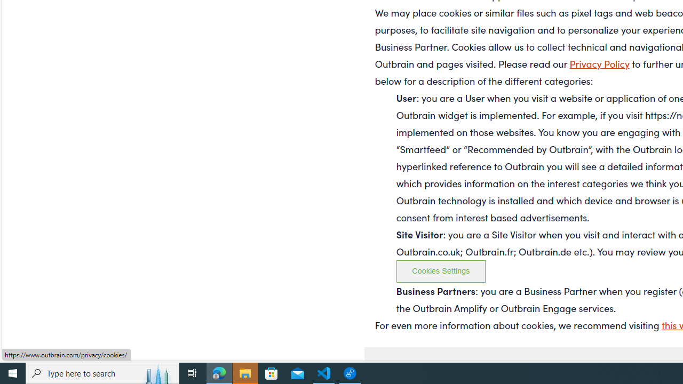  Describe the element at coordinates (441, 271) in the screenshot. I see `'Cookies Settings'` at that location.